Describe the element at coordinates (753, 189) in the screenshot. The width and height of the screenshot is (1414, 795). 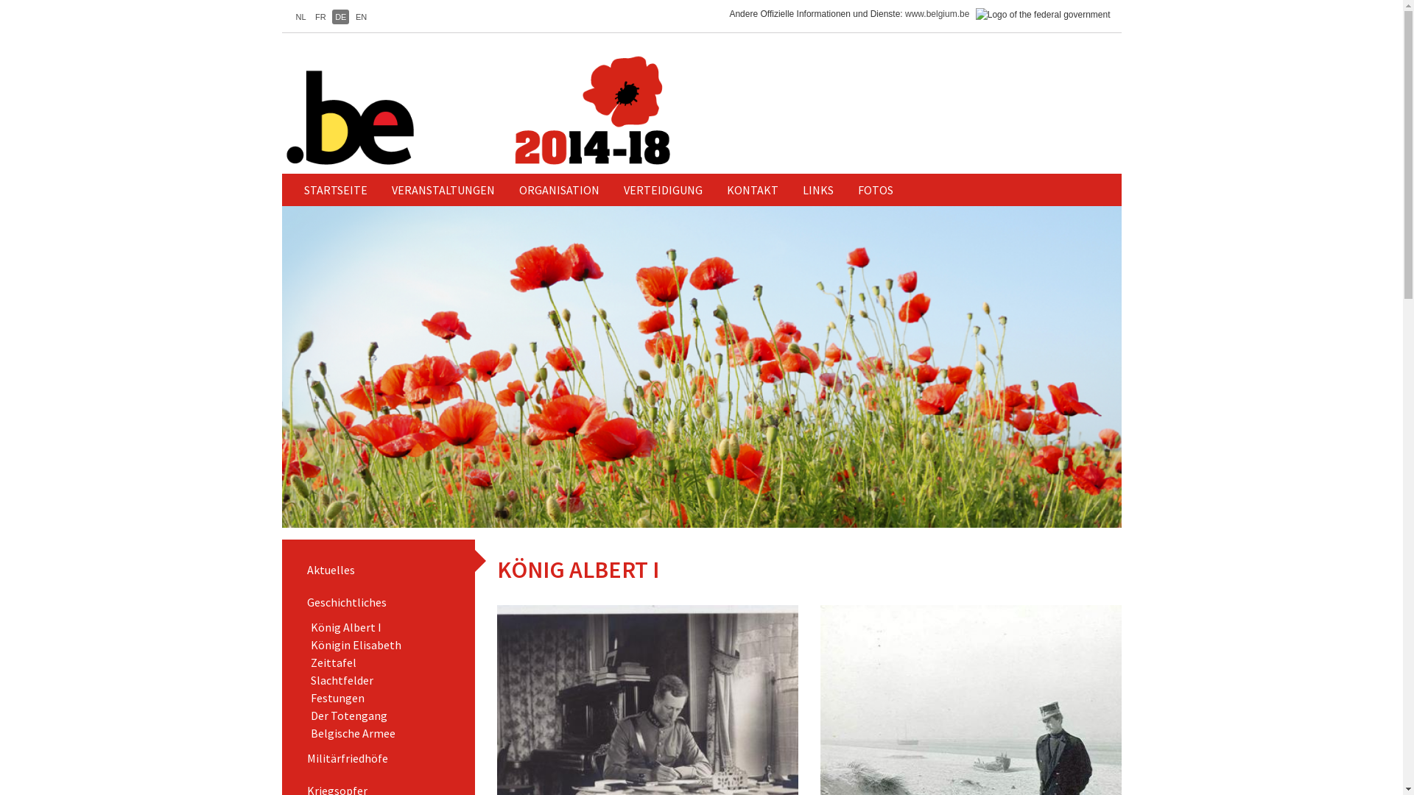
I see `'KONTAKT'` at that location.